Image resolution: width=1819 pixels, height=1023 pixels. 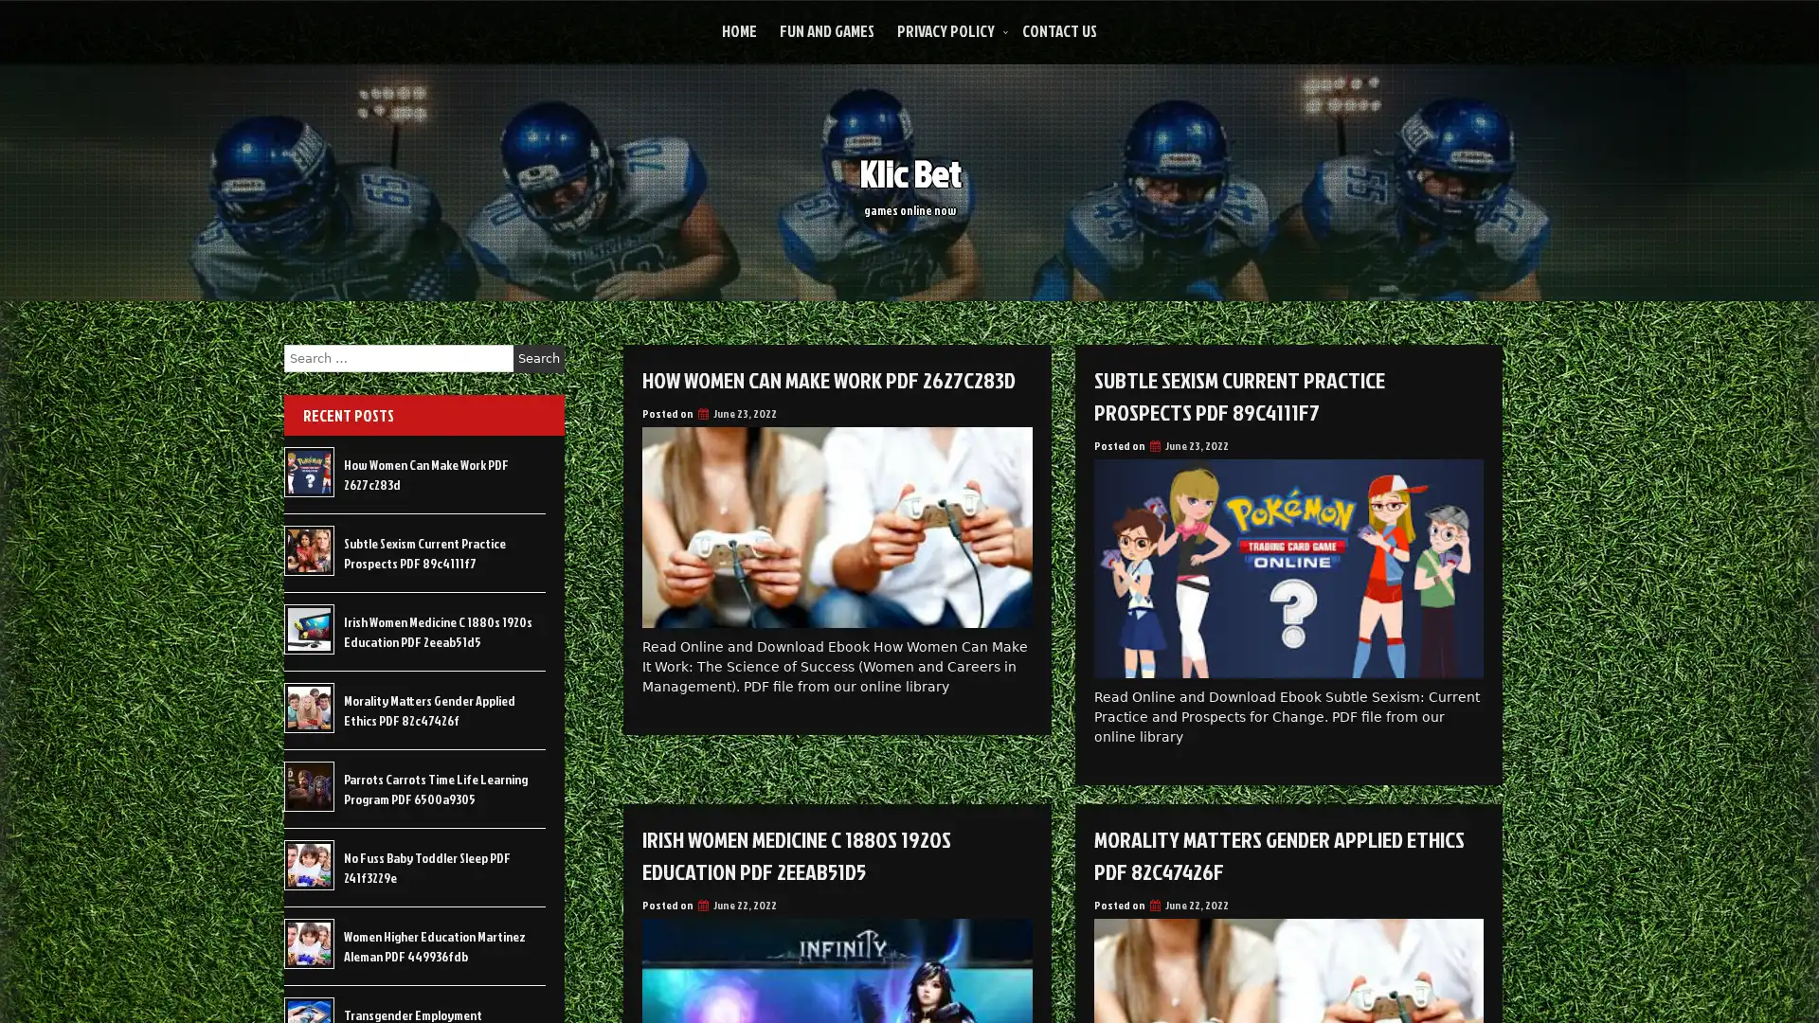 What do you see at coordinates (538, 358) in the screenshot?
I see `Search` at bounding box center [538, 358].